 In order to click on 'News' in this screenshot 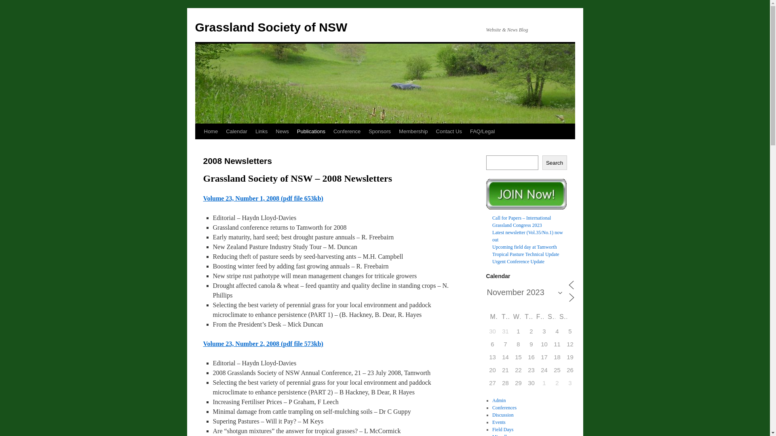, I will do `click(282, 131)`.